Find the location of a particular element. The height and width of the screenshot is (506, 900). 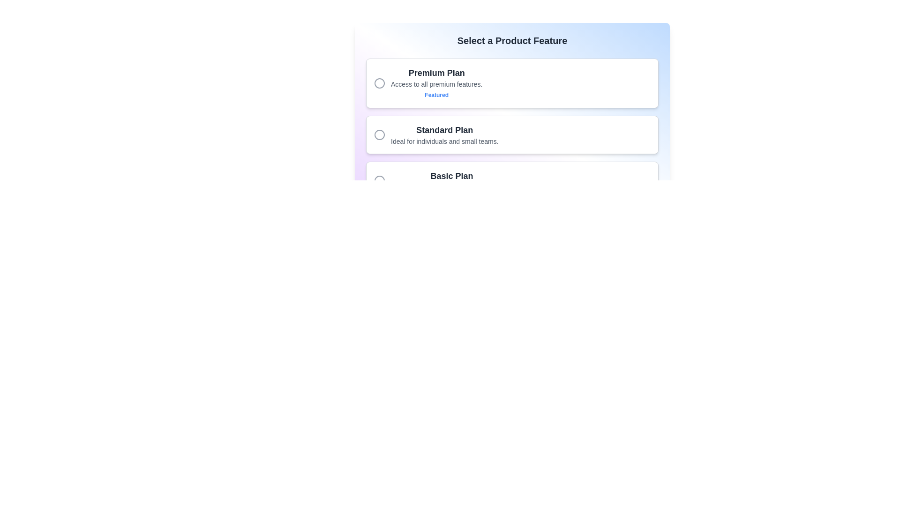

the 'Premium Plan' static text block within the card component, which displays the title in bold and larger font, along with the description and 'Featured' label in smaller blue font is located at coordinates (436, 82).